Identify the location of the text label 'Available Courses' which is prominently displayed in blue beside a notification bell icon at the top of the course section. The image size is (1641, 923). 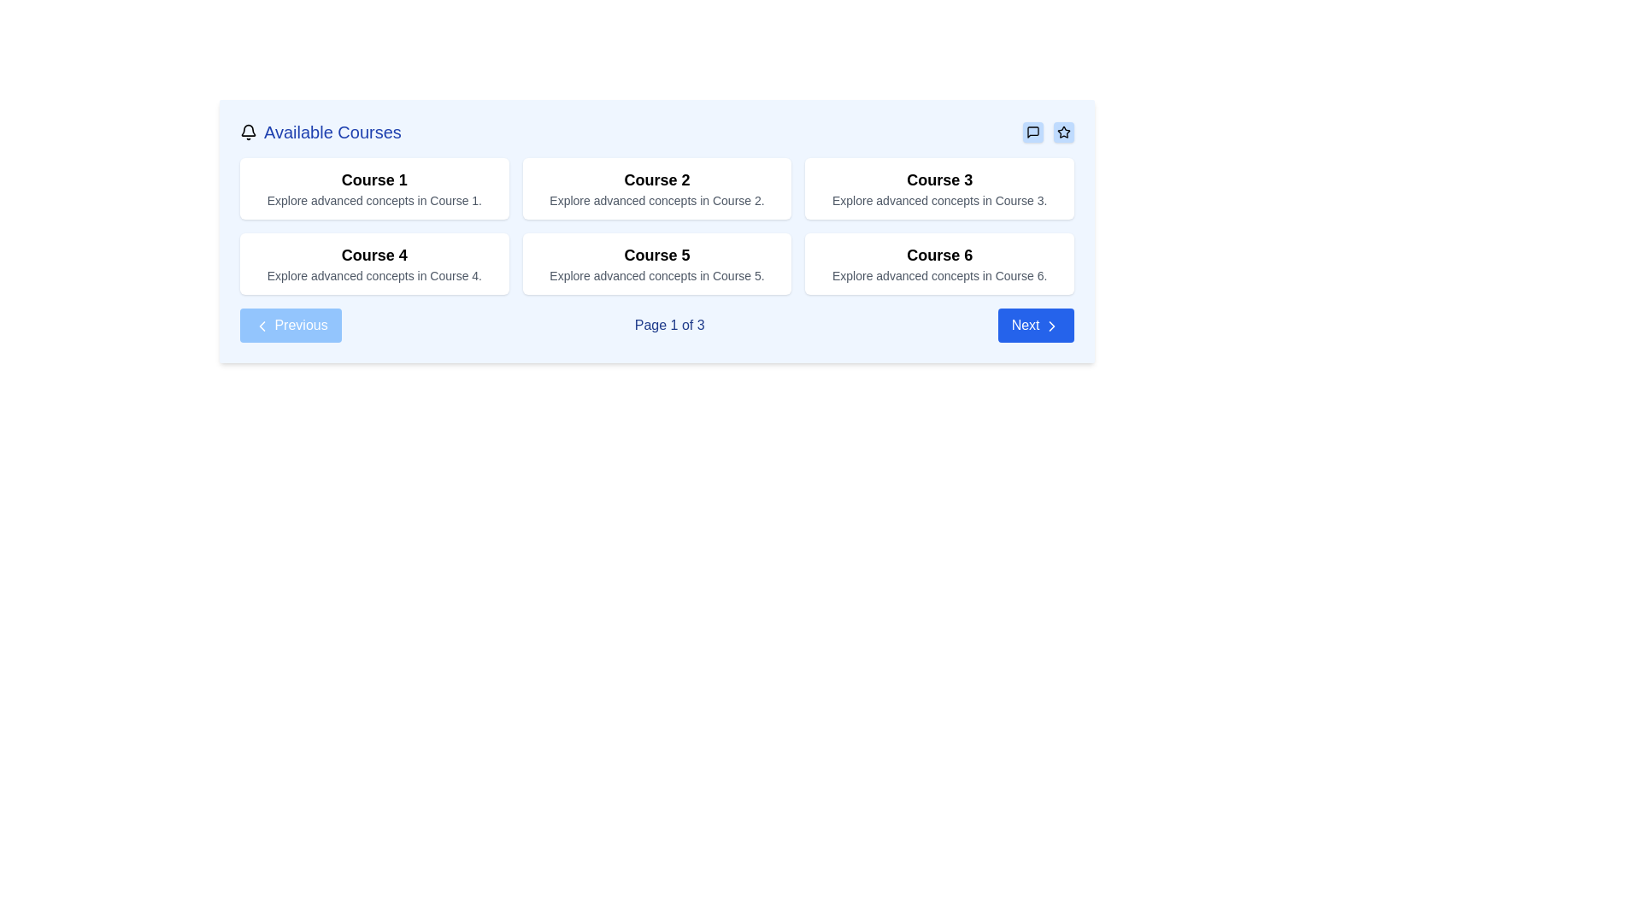
(332, 131).